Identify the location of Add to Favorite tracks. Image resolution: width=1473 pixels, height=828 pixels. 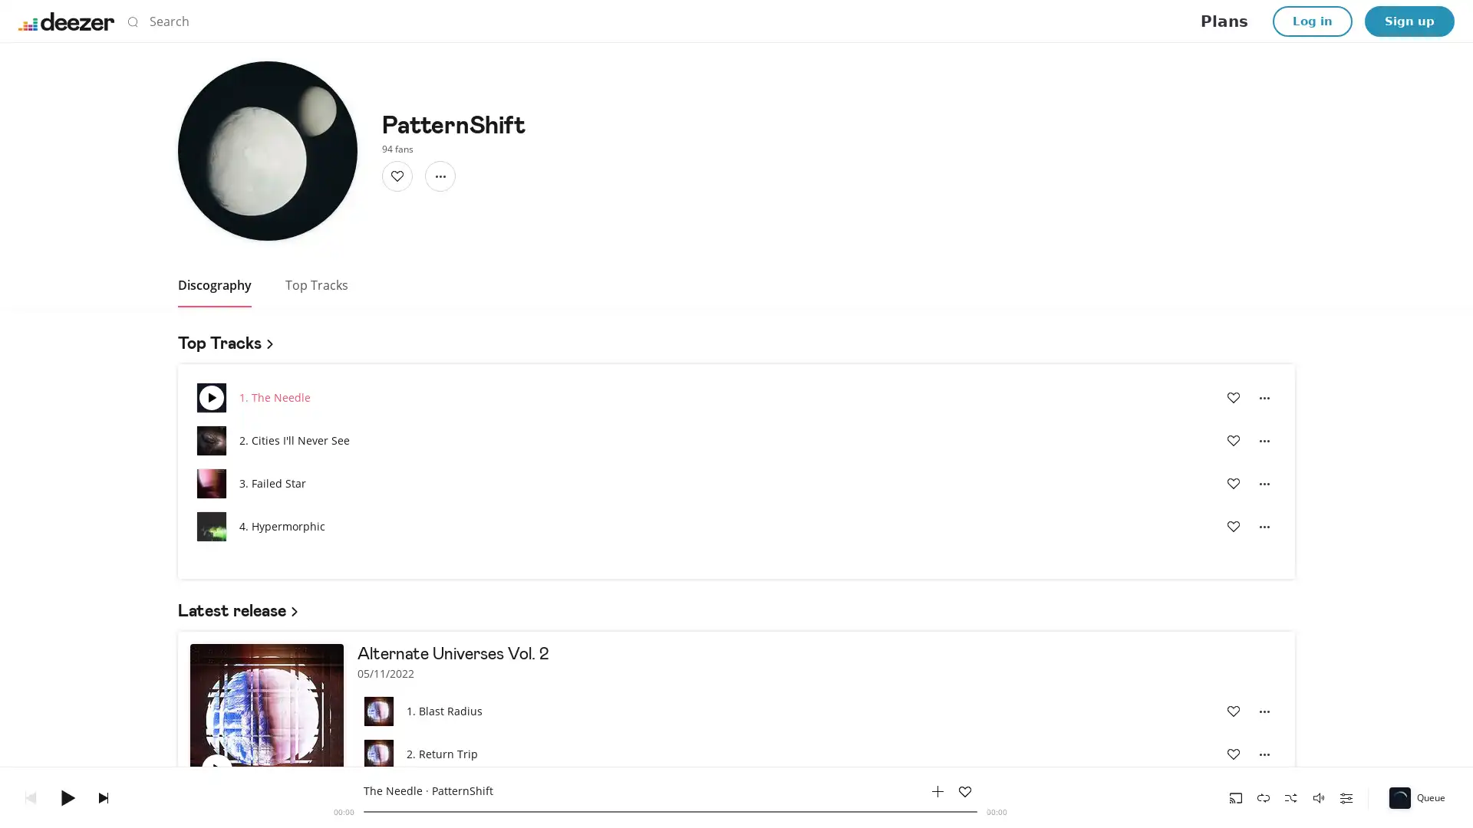
(1234, 711).